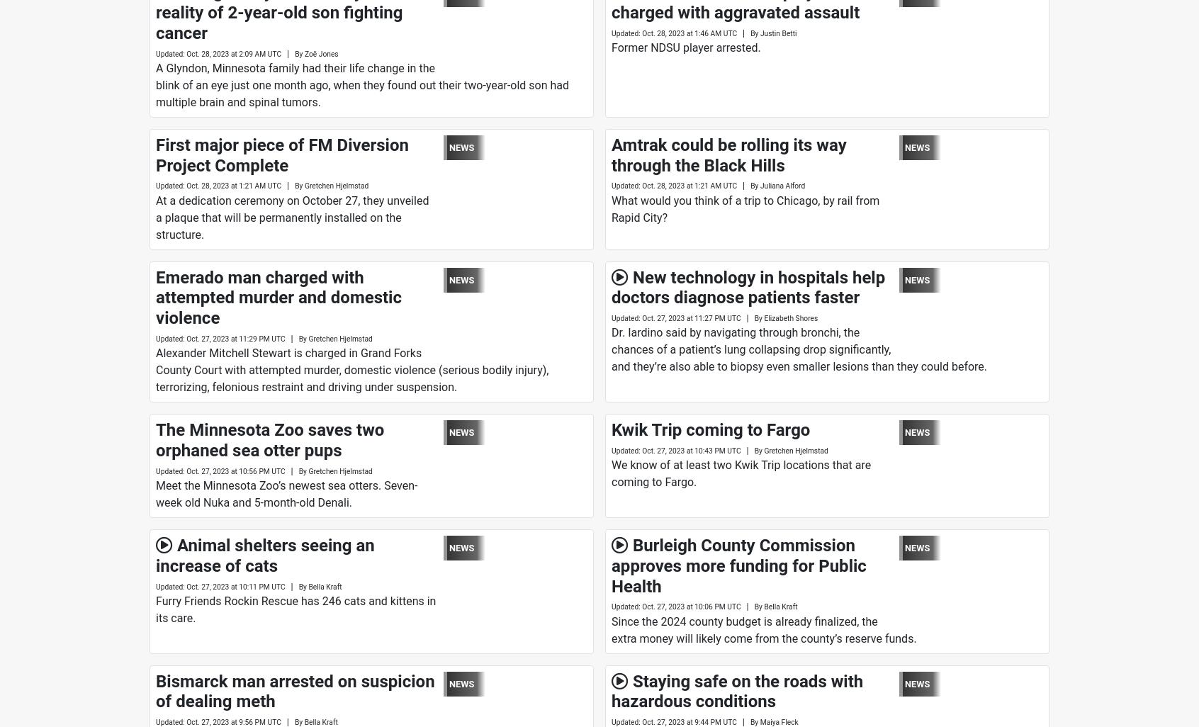 Image resolution: width=1199 pixels, height=727 pixels. What do you see at coordinates (295, 691) in the screenshot?
I see `'Bismarck man arrested on suspicion of dealing meth'` at bounding box center [295, 691].